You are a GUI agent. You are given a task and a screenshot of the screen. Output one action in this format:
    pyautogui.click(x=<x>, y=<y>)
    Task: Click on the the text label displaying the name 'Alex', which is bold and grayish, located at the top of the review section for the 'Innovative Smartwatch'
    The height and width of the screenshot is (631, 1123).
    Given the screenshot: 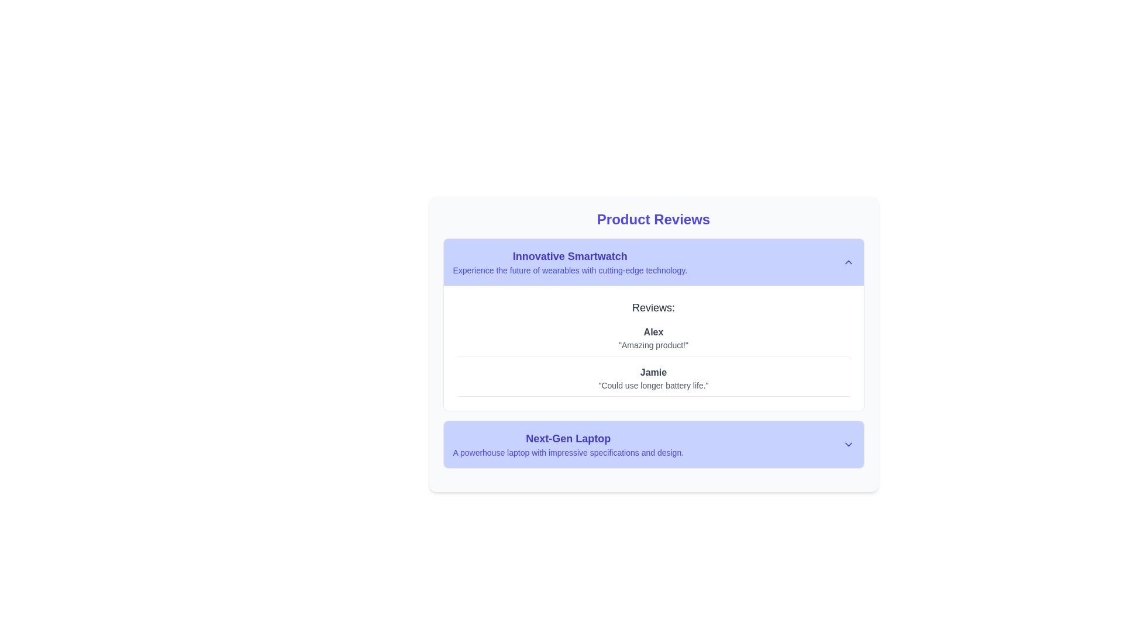 What is the action you would take?
    pyautogui.click(x=653, y=332)
    